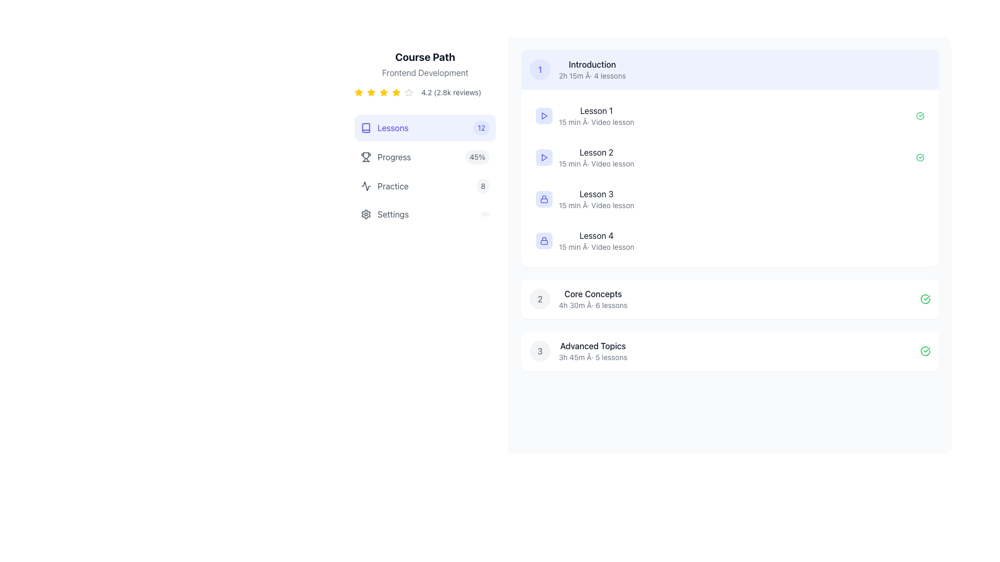 This screenshot has height=562, width=1000. Describe the element at coordinates (540, 351) in the screenshot. I see `the small circular Numerical badge with a light gray background and a central dark gray numeral '3', located in the 'Advanced Topics' section of the course content list` at that location.